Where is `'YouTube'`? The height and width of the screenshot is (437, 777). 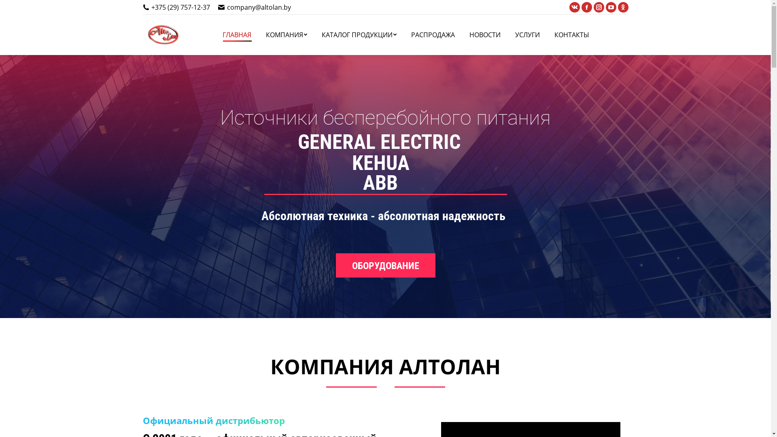
'YouTube' is located at coordinates (610, 7).